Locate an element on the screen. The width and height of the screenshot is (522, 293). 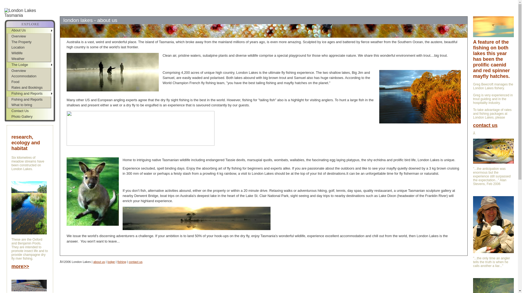
'more>>' is located at coordinates (20, 266).